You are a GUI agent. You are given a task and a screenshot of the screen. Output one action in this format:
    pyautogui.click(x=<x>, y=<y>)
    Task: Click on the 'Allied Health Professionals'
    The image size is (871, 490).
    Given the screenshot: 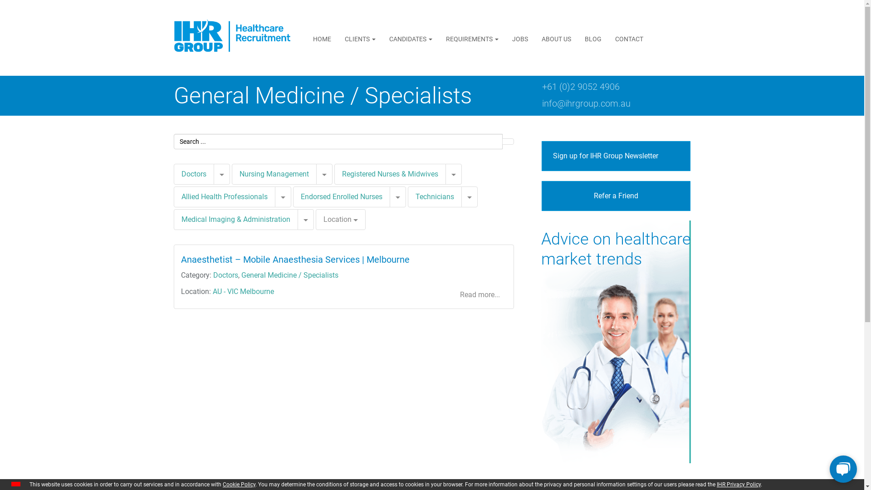 What is the action you would take?
    pyautogui.click(x=173, y=196)
    